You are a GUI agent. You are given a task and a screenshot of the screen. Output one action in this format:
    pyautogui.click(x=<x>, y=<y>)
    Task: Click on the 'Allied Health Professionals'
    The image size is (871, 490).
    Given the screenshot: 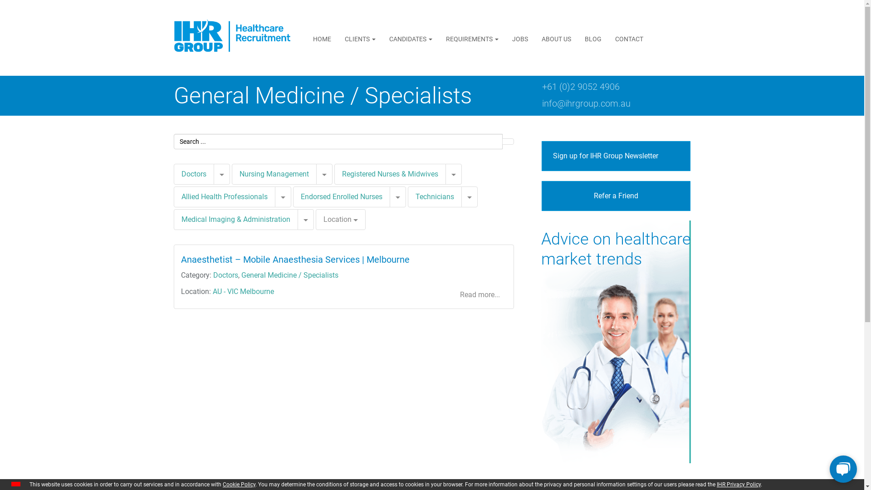 What is the action you would take?
    pyautogui.click(x=173, y=196)
    